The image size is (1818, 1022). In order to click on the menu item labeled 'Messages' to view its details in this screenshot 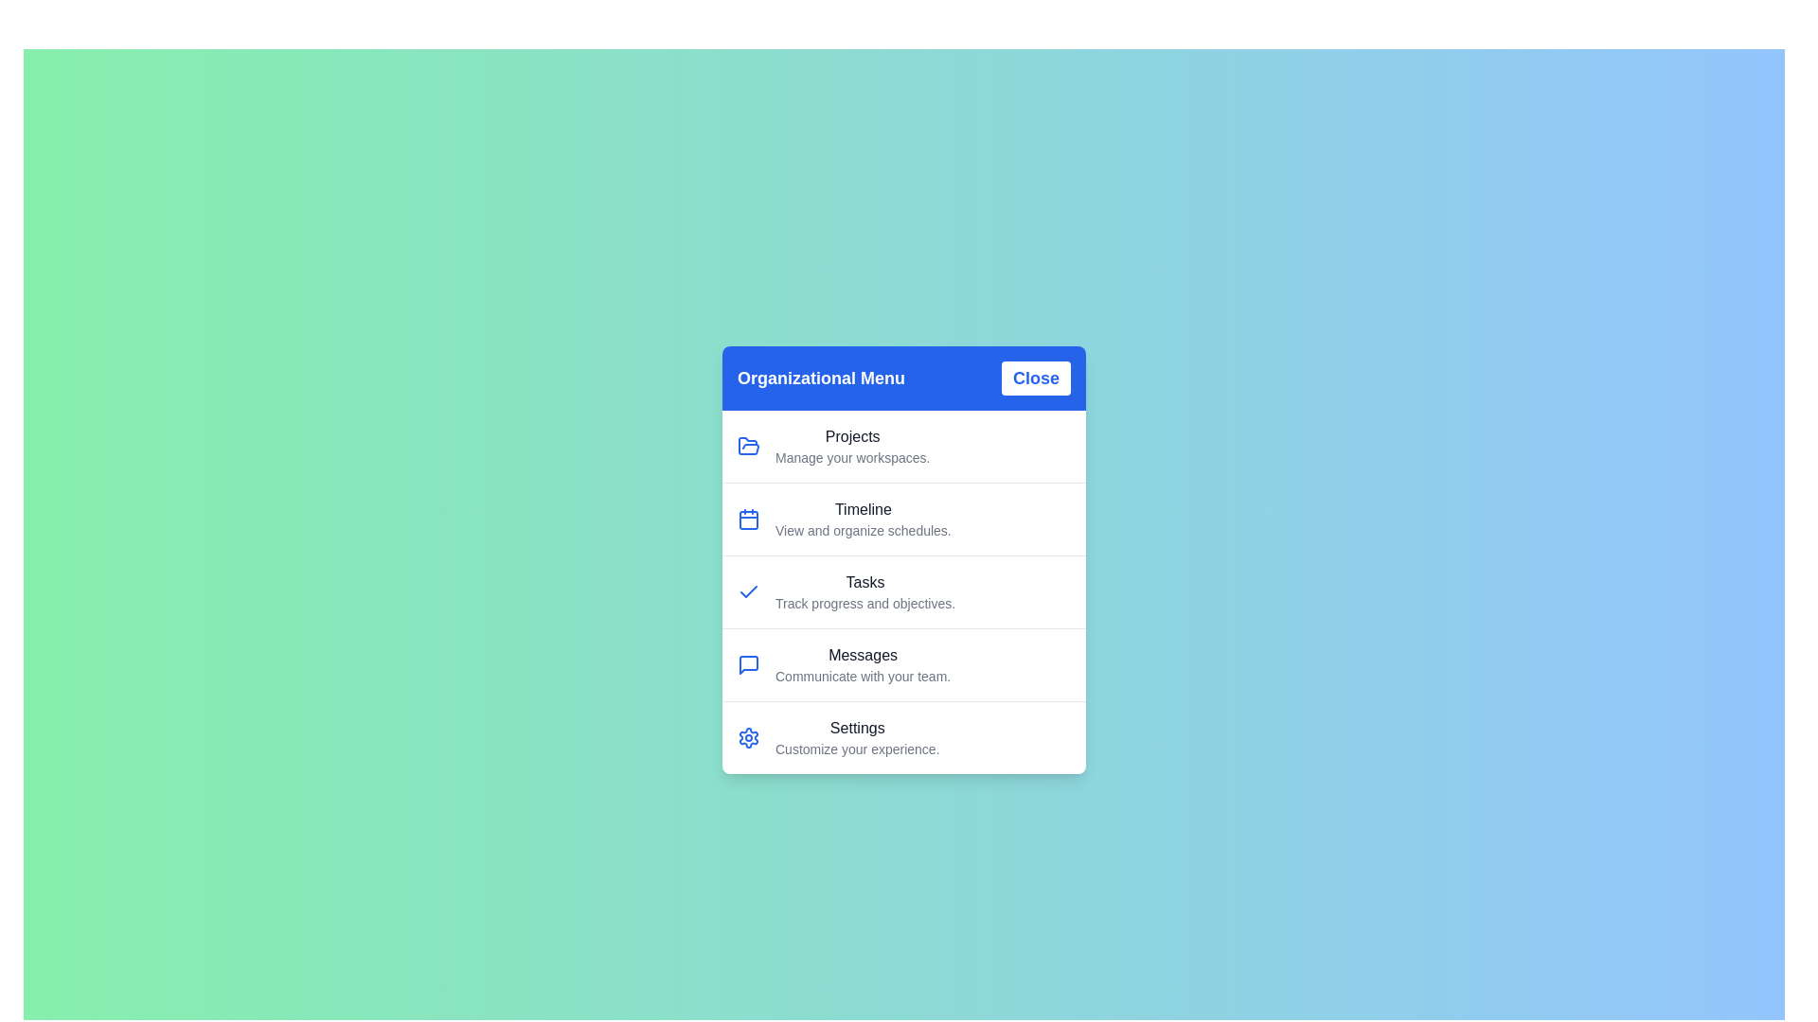, I will do `click(862, 663)`.